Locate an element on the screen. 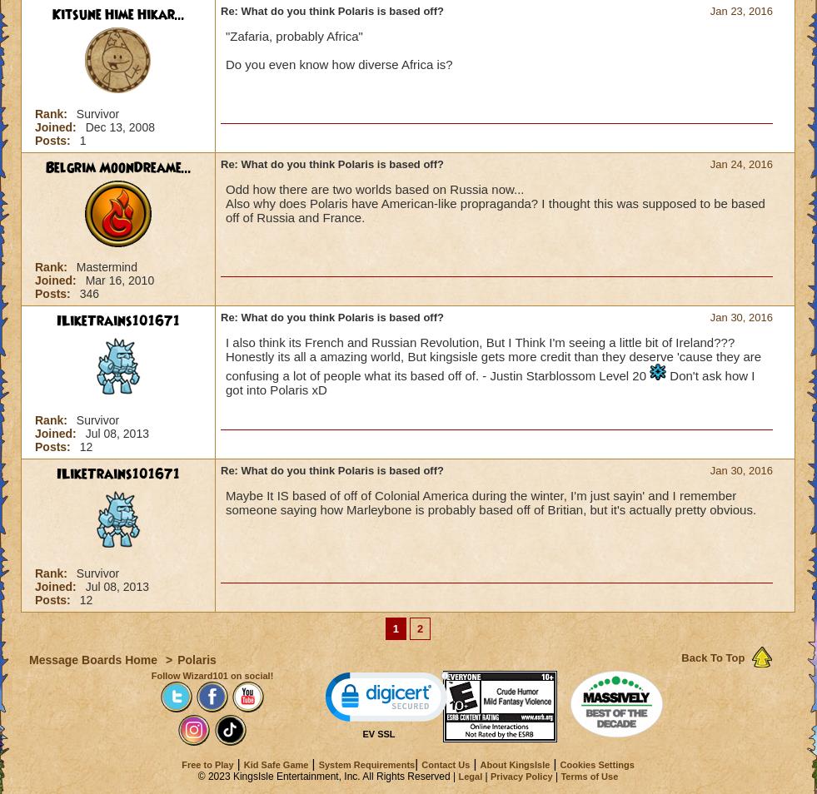 This screenshot has width=817, height=794. 'Contact Us' is located at coordinates (446, 764).